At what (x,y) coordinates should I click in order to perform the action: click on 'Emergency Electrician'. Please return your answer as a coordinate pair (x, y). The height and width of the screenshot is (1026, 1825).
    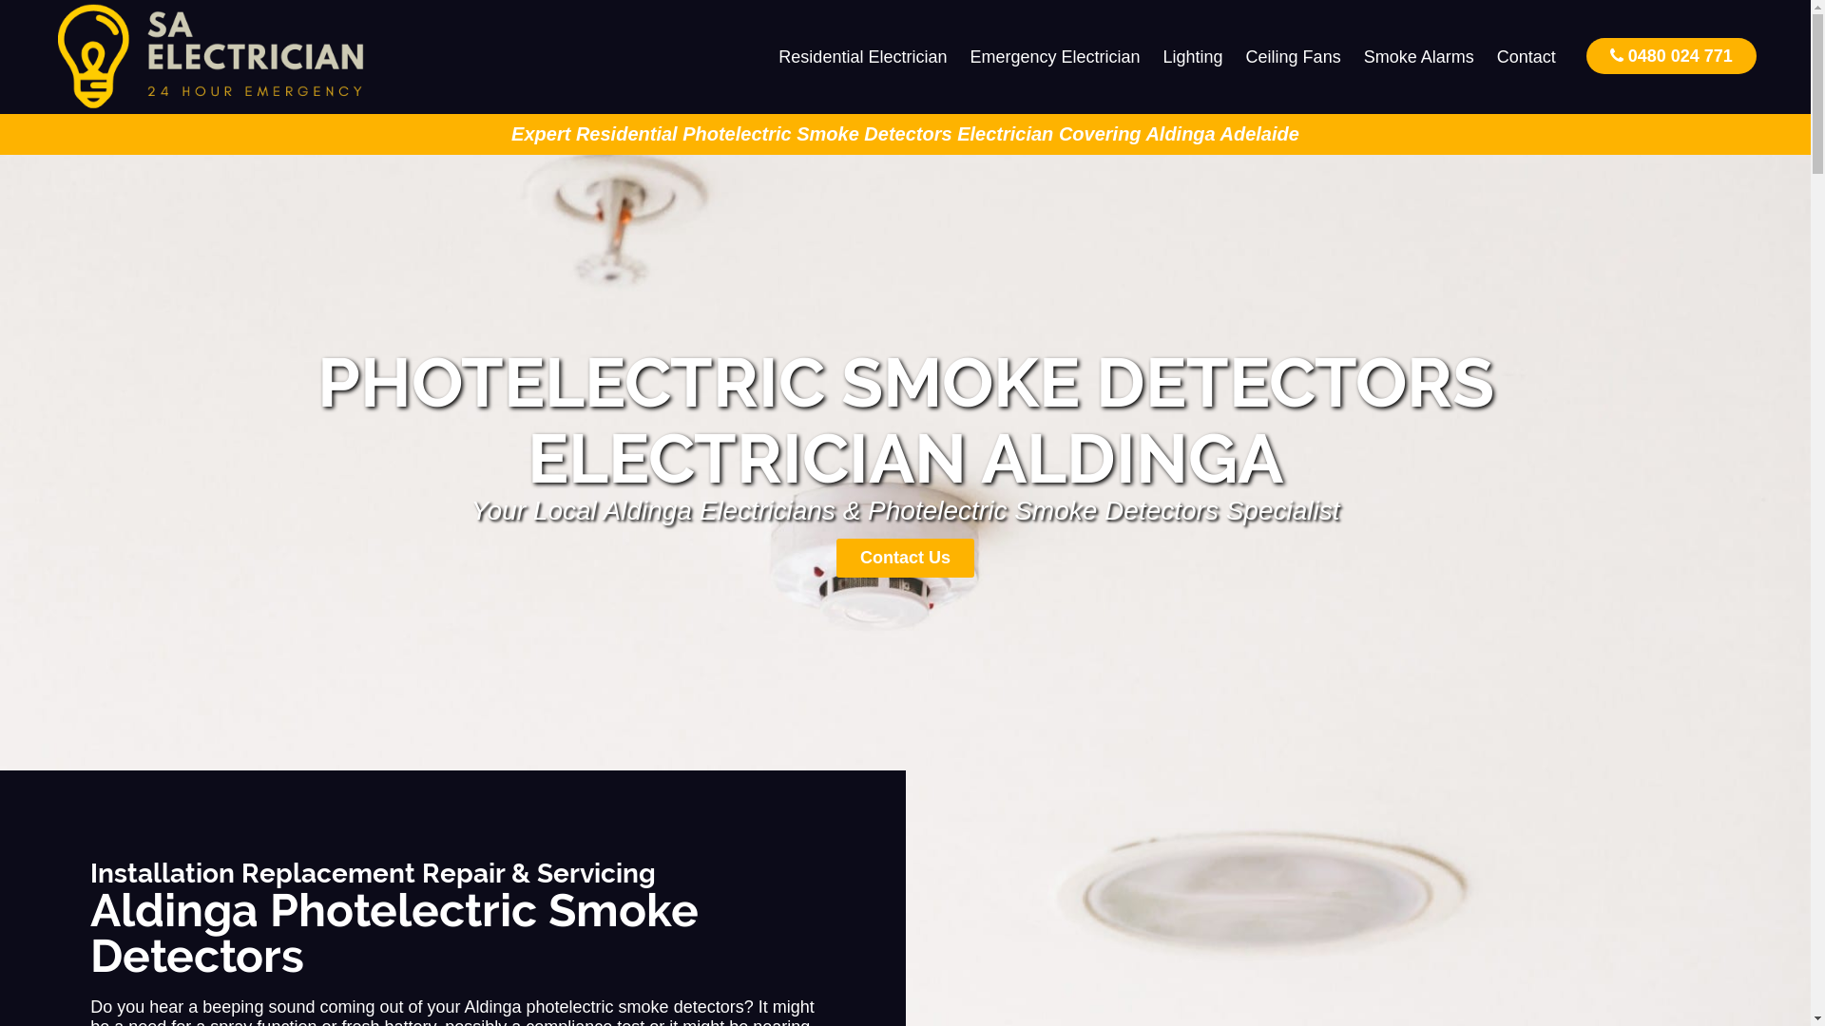
    Looking at the image, I should click on (1053, 56).